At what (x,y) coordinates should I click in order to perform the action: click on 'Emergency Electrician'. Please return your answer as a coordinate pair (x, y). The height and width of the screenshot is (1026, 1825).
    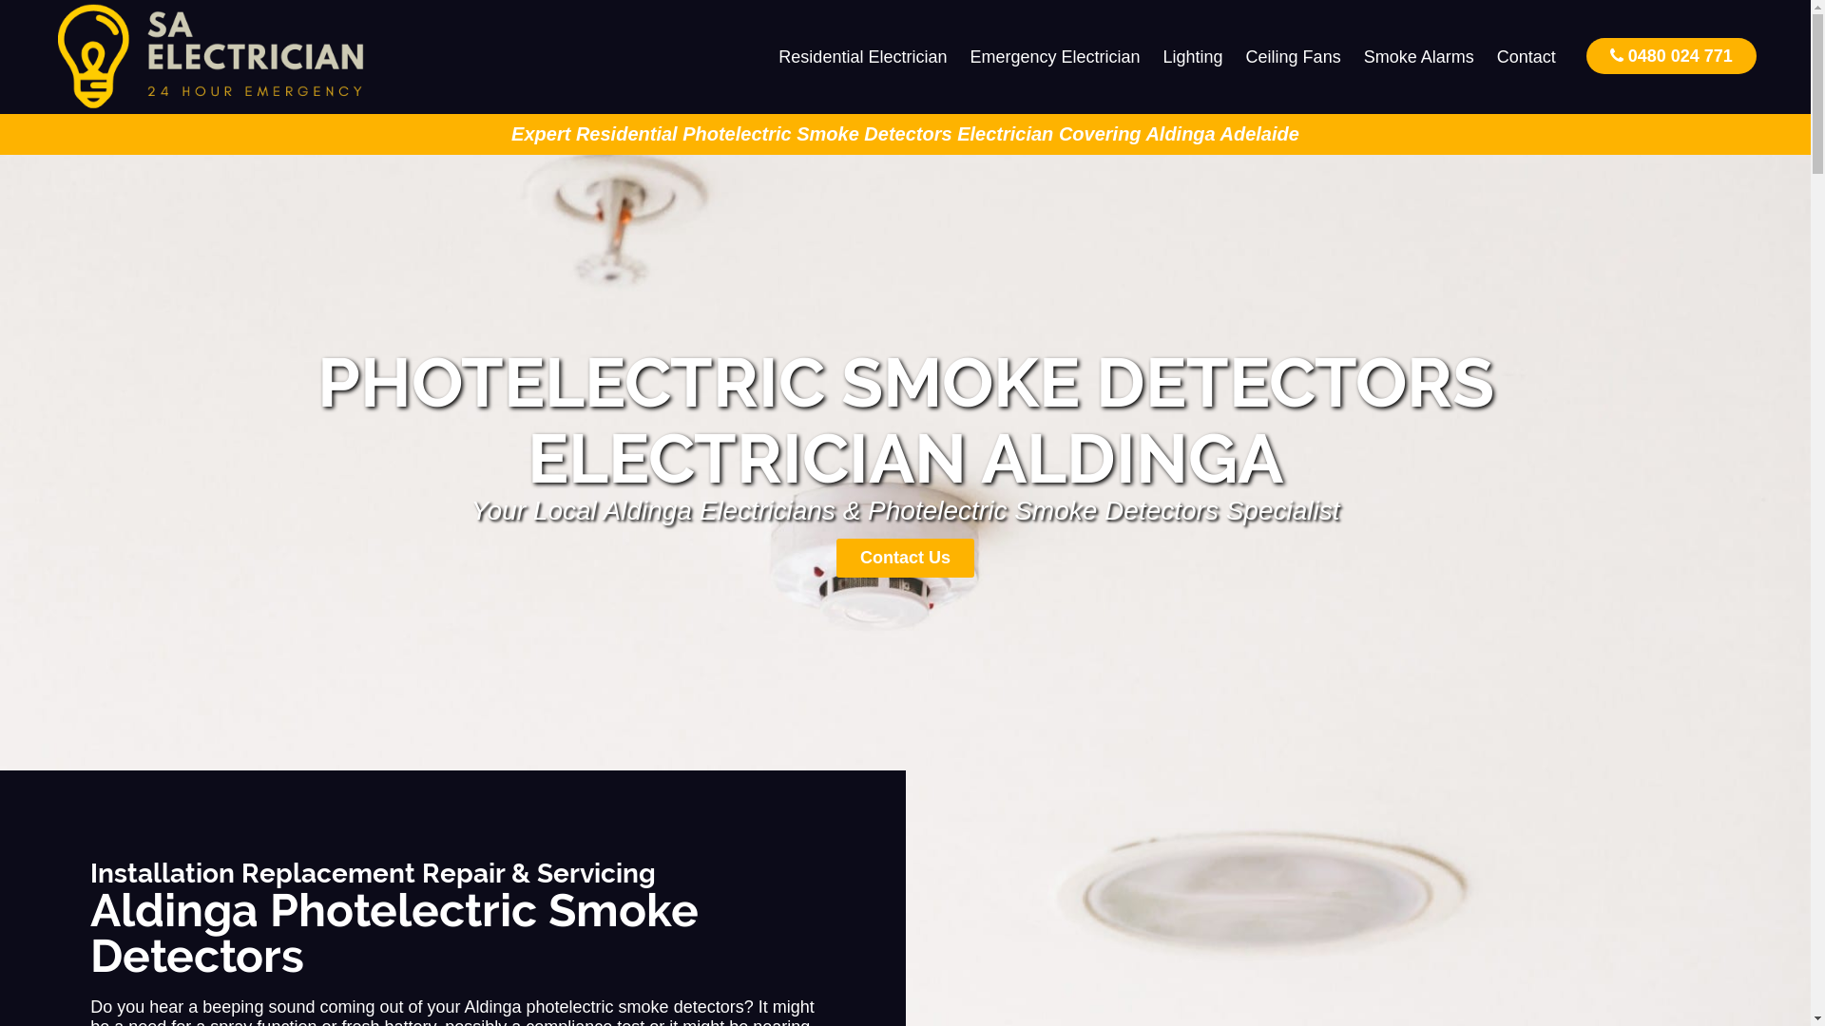
    Looking at the image, I should click on (1053, 56).